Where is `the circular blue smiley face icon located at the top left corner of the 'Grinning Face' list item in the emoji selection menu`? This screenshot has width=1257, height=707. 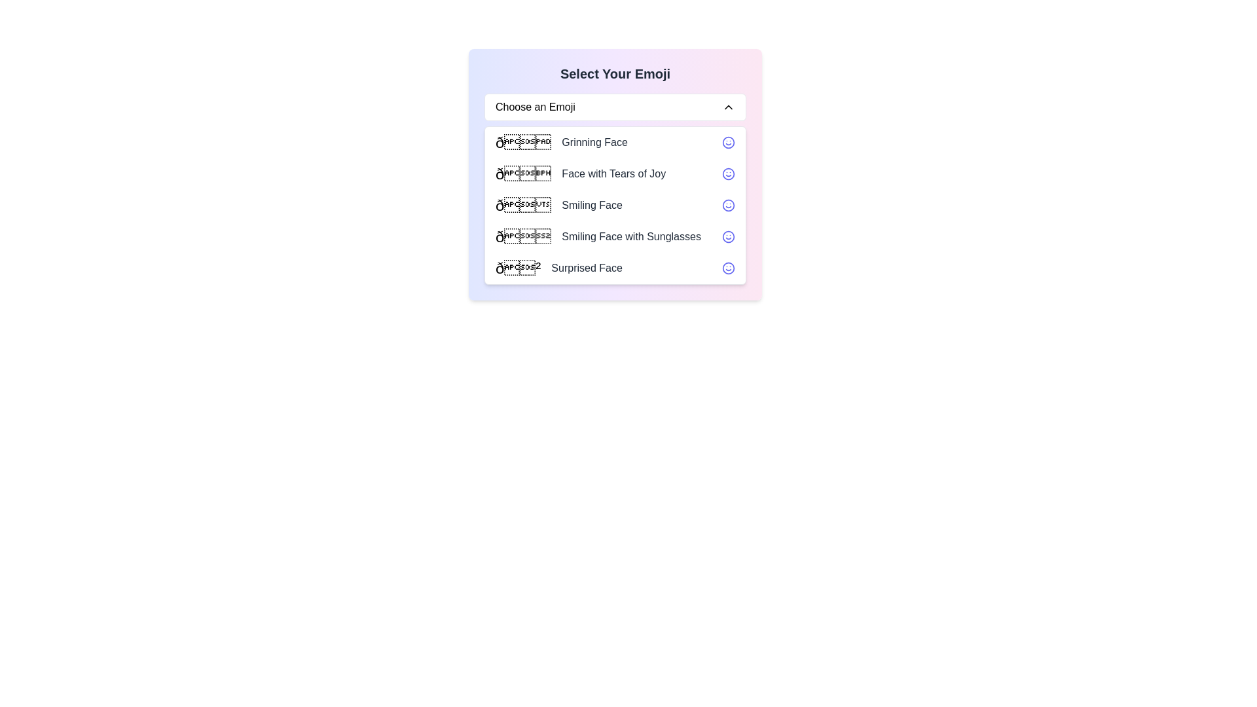 the circular blue smiley face icon located at the top left corner of the 'Grinning Face' list item in the emoji selection menu is located at coordinates (728, 143).